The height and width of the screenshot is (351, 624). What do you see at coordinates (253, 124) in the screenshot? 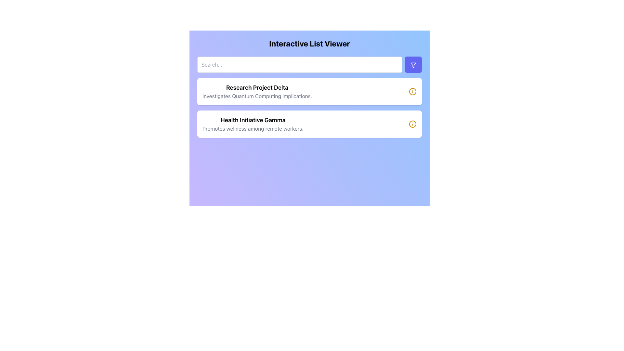
I see `text content from the text block titled 'Health Initiative Gamma' which displays the description 'Promotes wellness among remote workers.'` at bounding box center [253, 124].